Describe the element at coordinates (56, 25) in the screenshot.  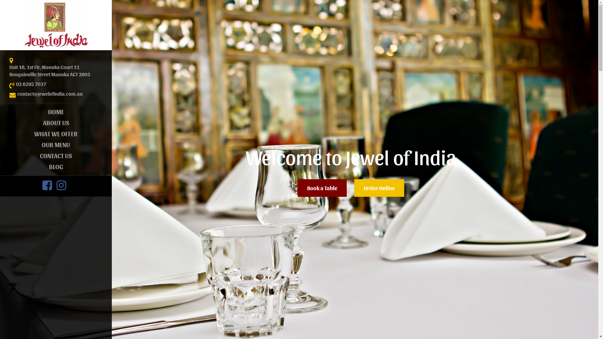
I see `'Jewel of India '` at that location.